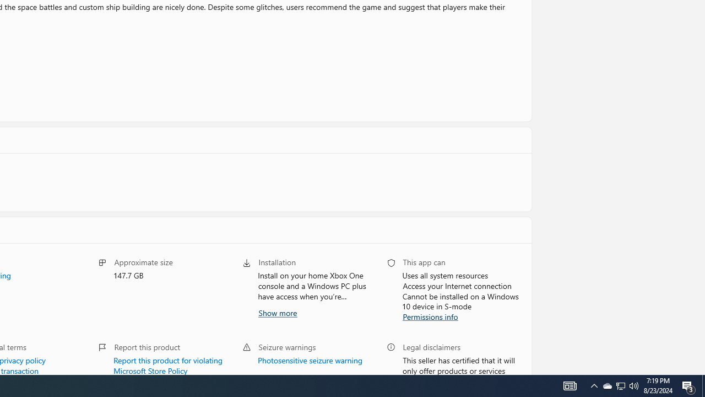  What do you see at coordinates (277, 312) in the screenshot?
I see `'Show more'` at bounding box center [277, 312].